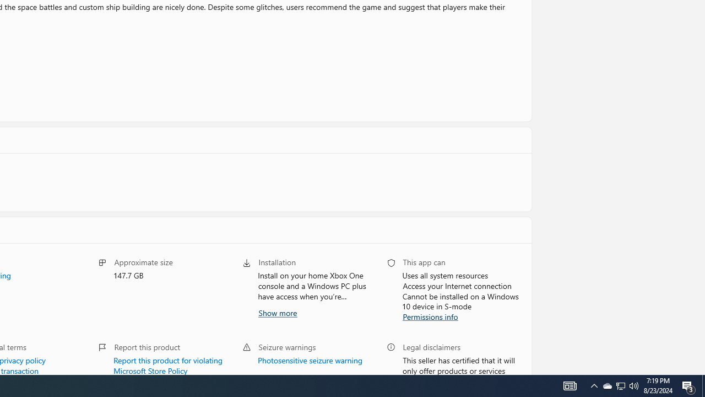  What do you see at coordinates (277, 312) in the screenshot?
I see `'Show more'` at bounding box center [277, 312].